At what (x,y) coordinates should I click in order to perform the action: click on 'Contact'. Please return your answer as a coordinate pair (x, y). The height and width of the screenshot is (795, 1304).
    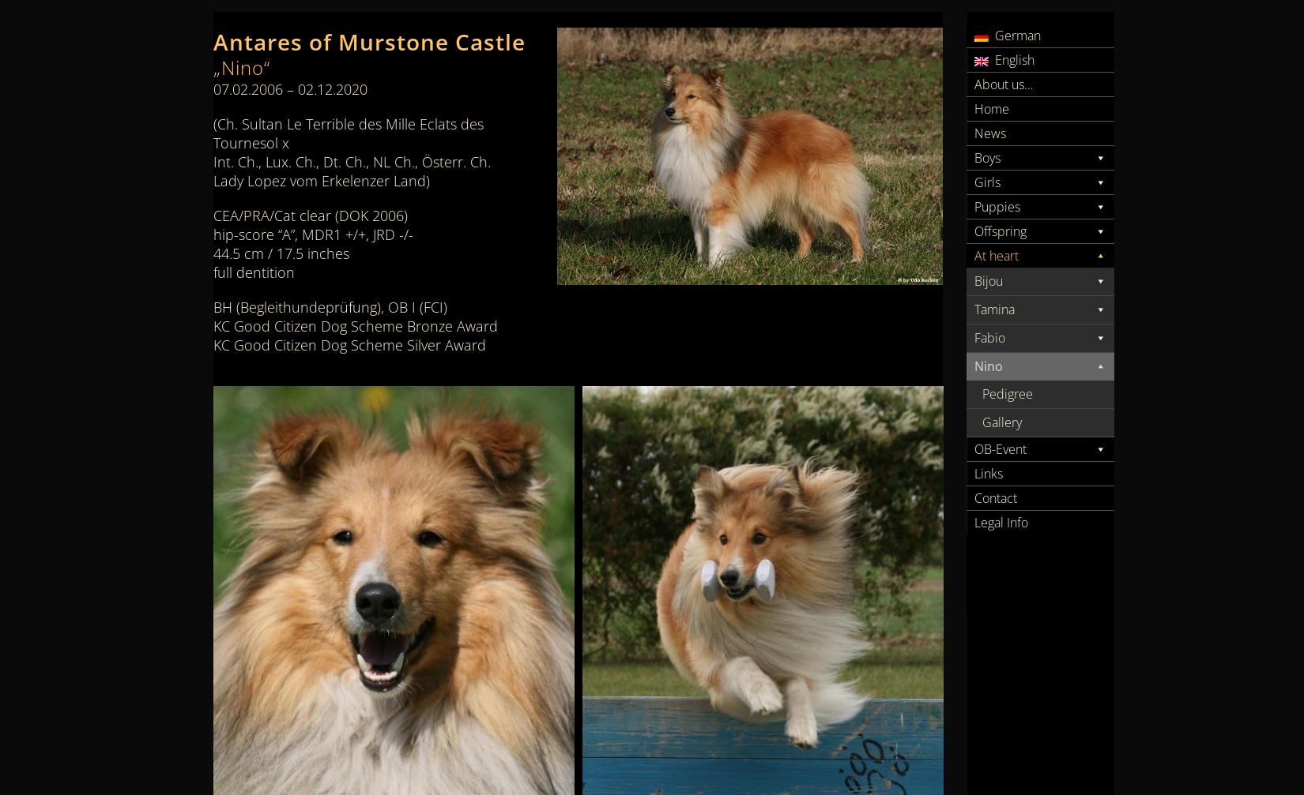
    Looking at the image, I should click on (994, 497).